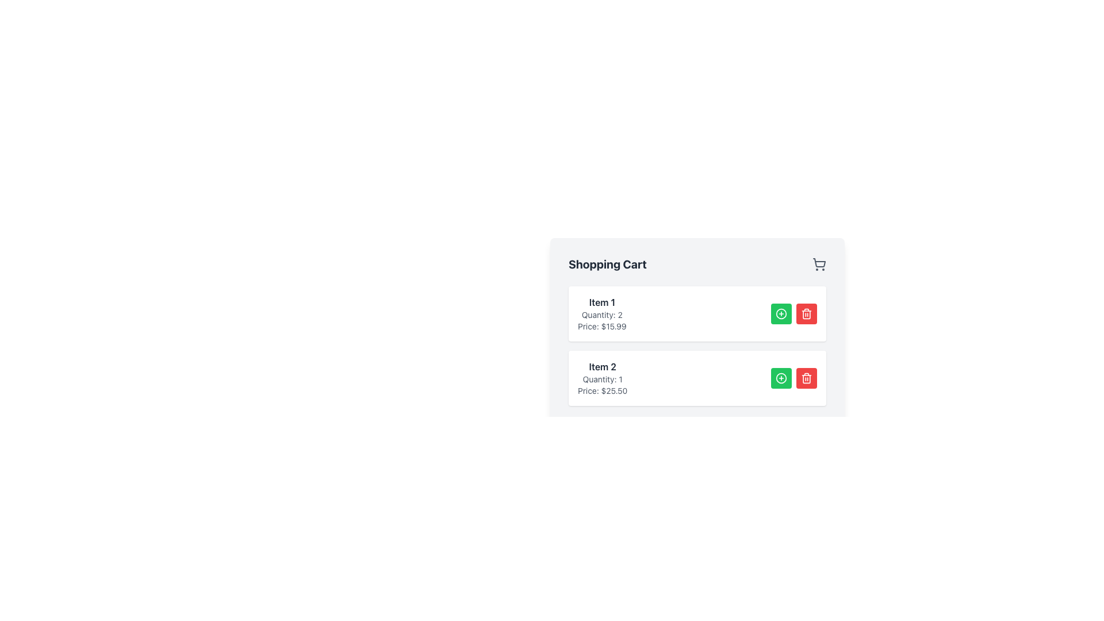 The height and width of the screenshot is (621, 1104). I want to click on the circular icon with a green border and white filled background, representing the increment function in the shopping cart interface, so click(781, 314).